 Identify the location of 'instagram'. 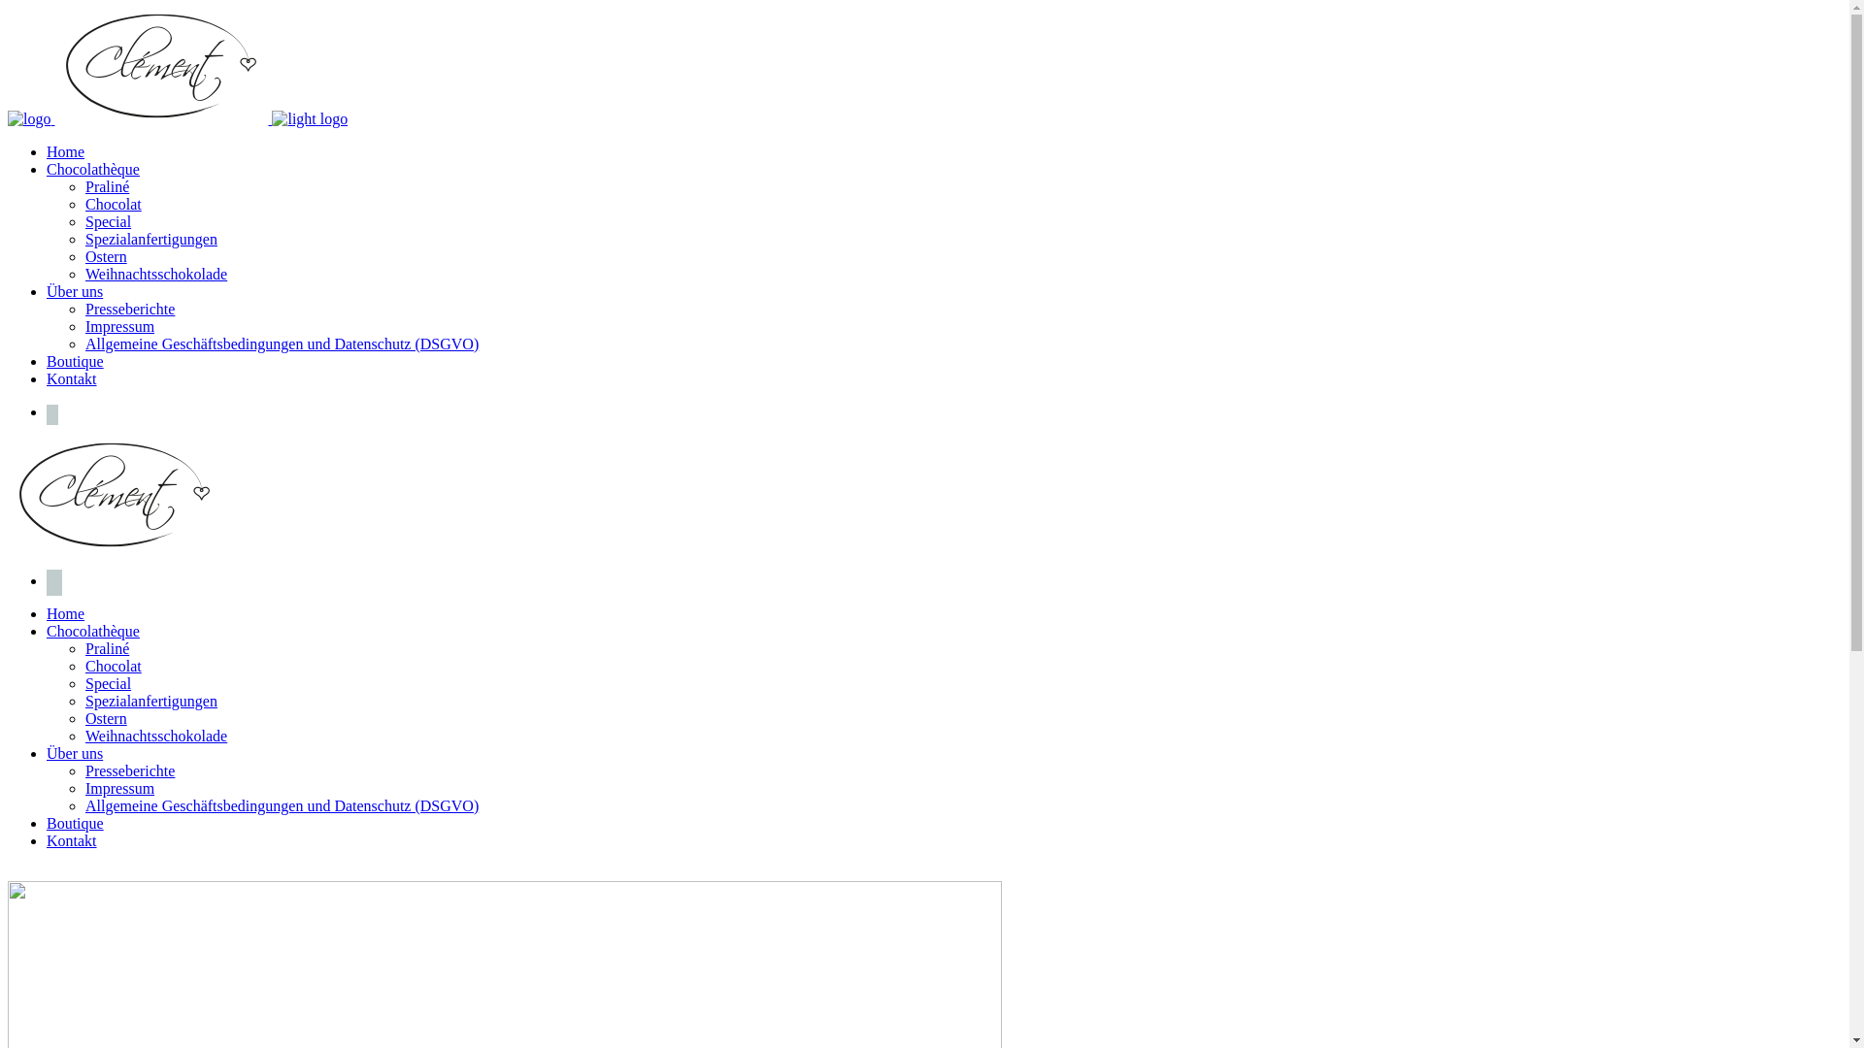
(54, 579).